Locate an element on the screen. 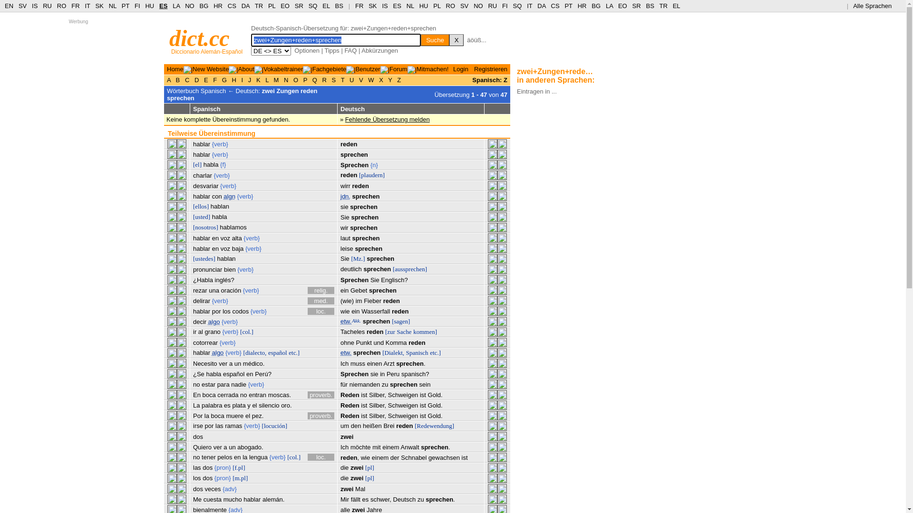 This screenshot has width=913, height=513. 'estar' is located at coordinates (208, 384).